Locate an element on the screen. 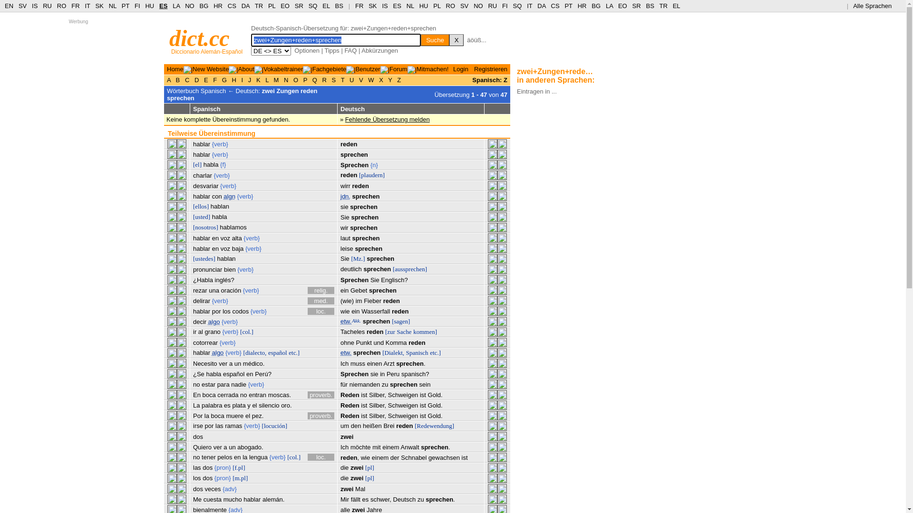 This screenshot has width=913, height=513. 'estar' is located at coordinates (208, 384).